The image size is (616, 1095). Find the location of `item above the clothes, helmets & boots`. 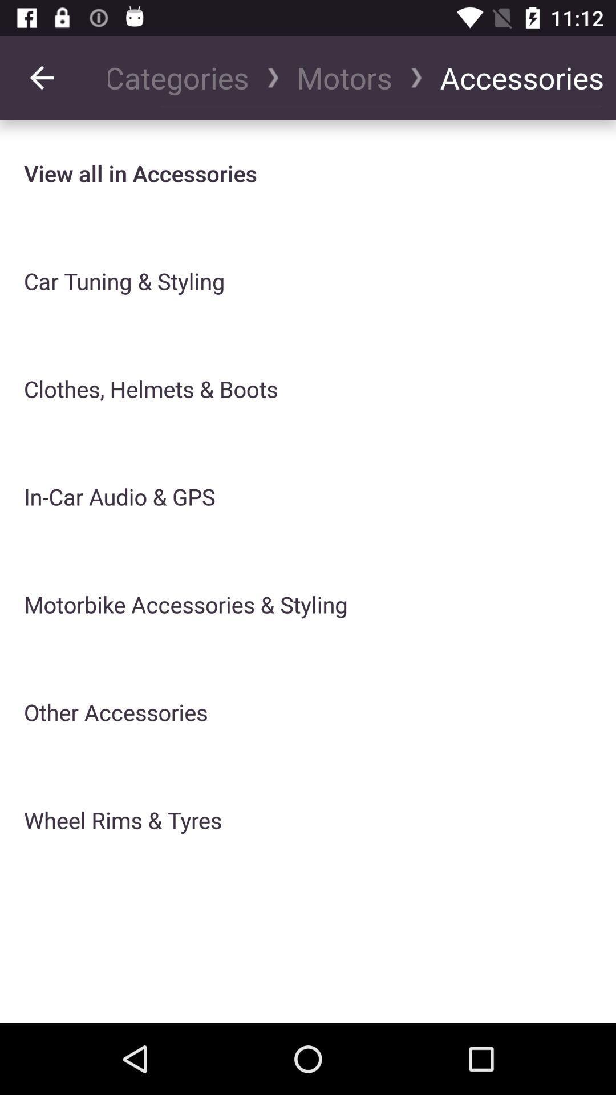

item above the clothes, helmets & boots is located at coordinates (124, 281).